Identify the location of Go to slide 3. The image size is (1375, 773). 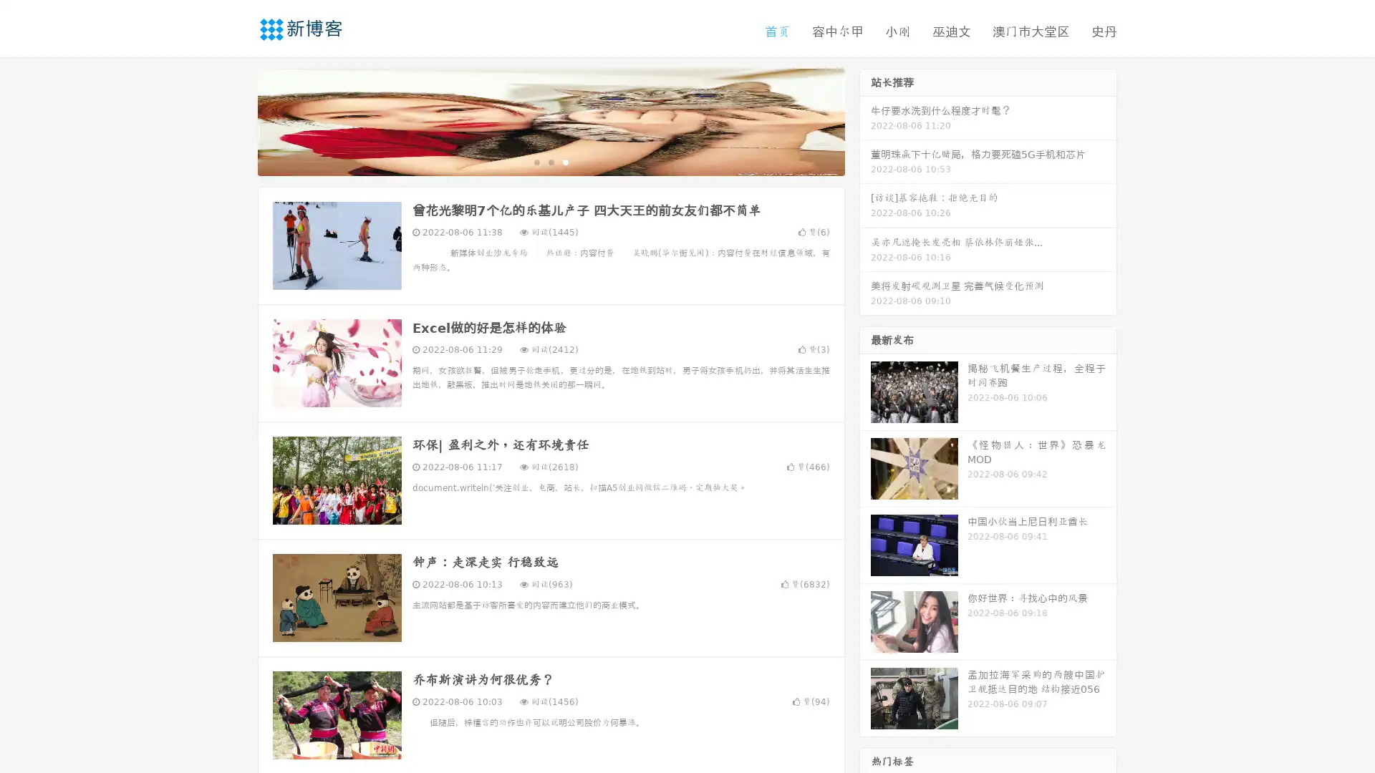
(565, 161).